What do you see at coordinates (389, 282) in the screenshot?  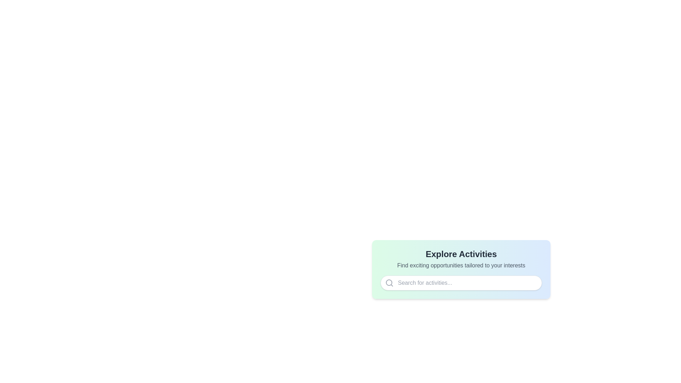 I see `the circular handle component of the magnifying glass icon, which serves as the search button` at bounding box center [389, 282].